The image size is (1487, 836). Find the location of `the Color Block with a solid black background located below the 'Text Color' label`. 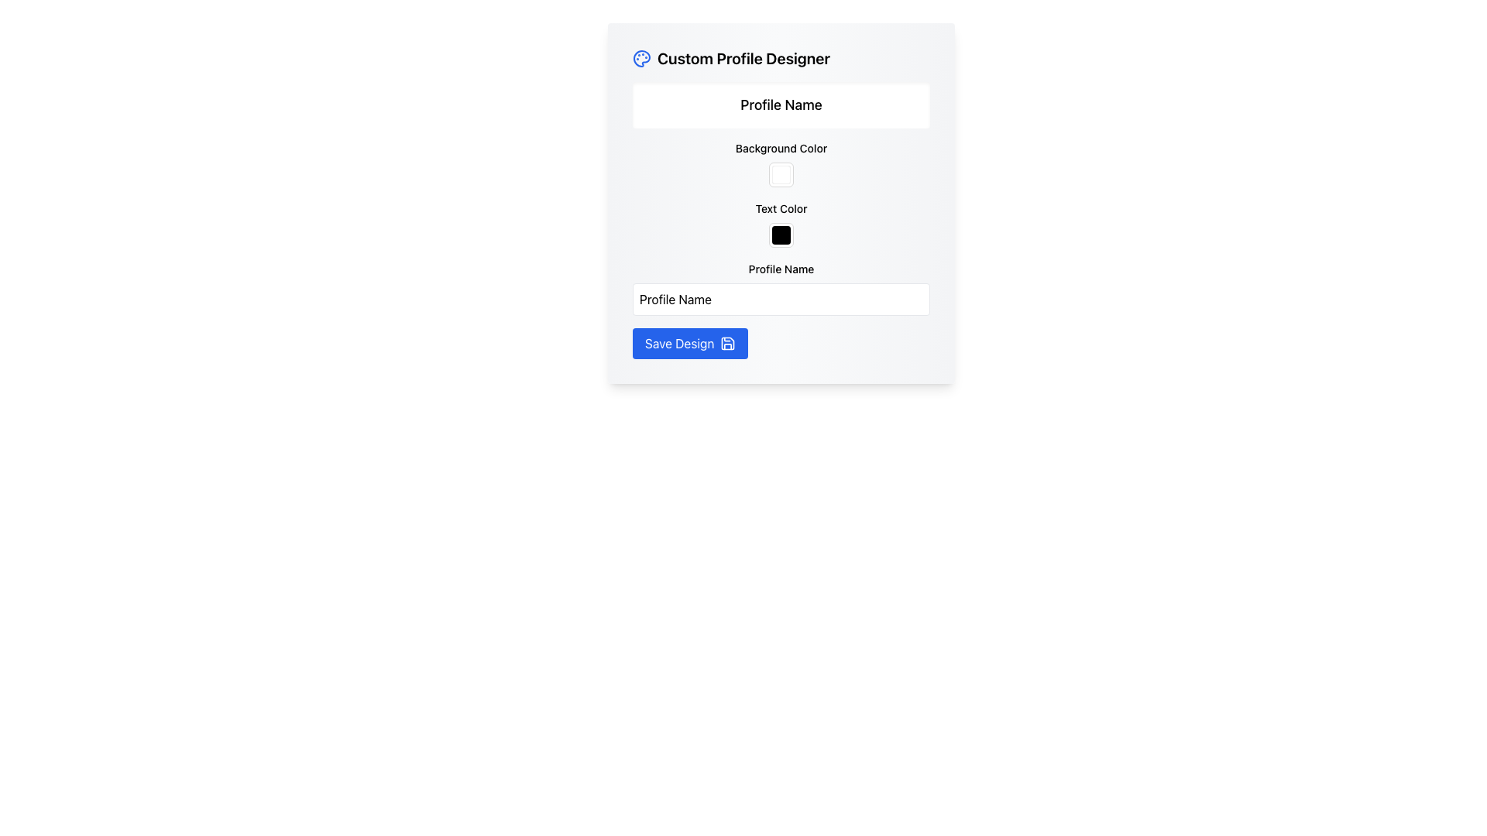

the Color Block with a solid black background located below the 'Text Color' label is located at coordinates (781, 235).